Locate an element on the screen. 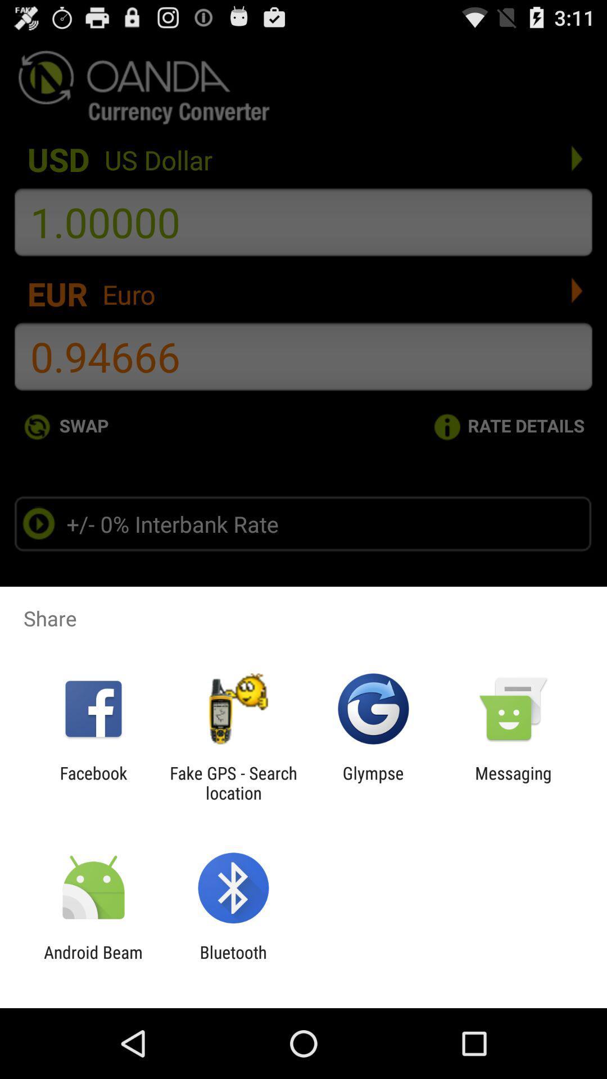  messaging icon is located at coordinates (513, 782).